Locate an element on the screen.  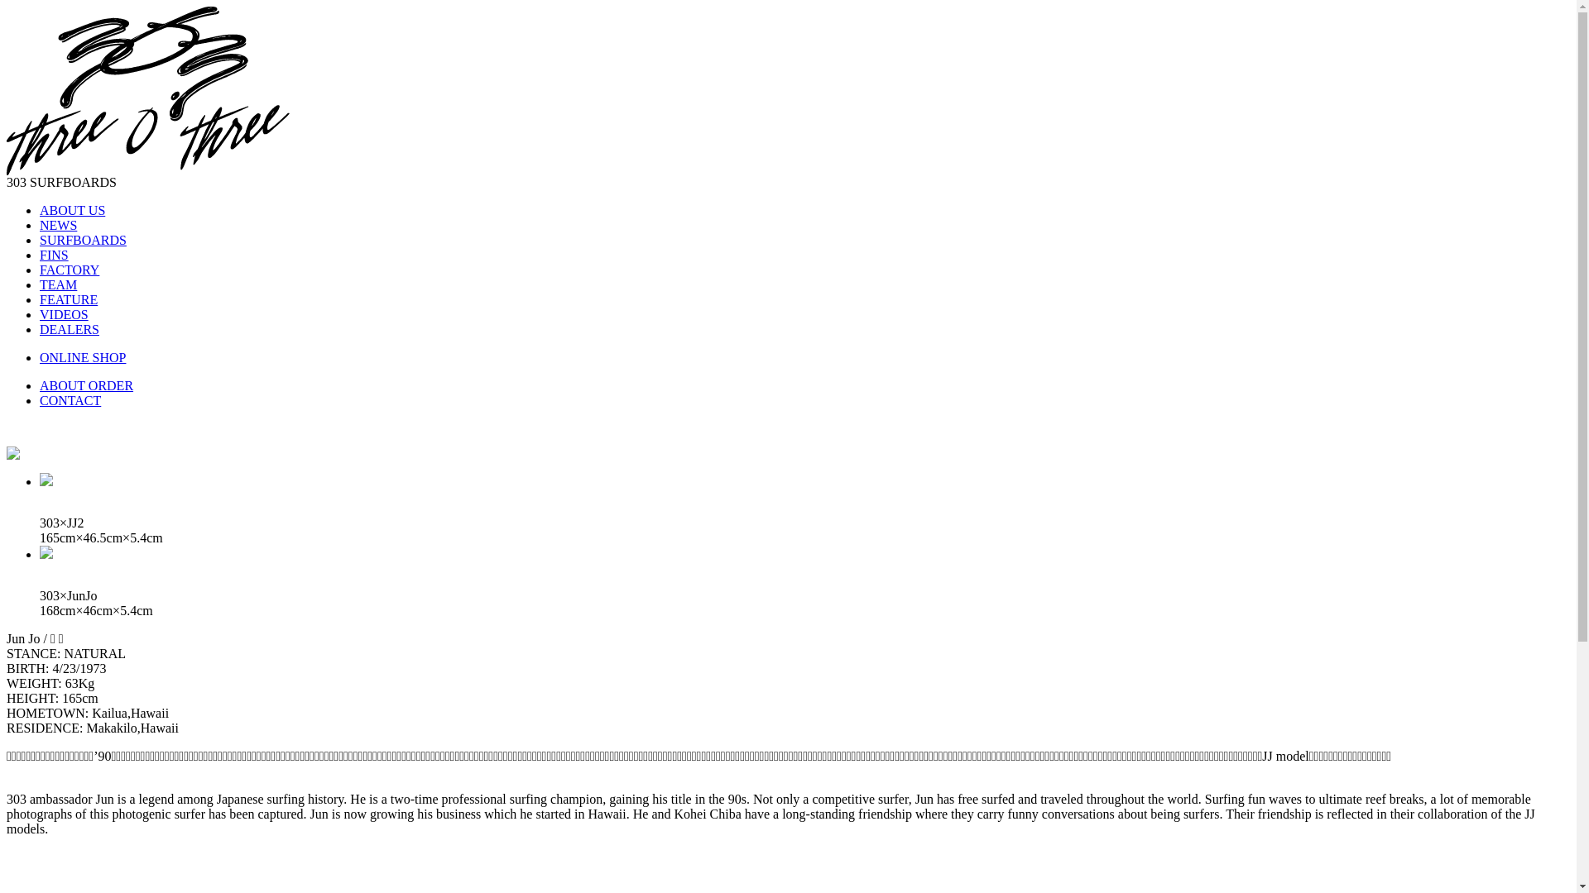
'ABOUT ORDER' is located at coordinates (40, 385).